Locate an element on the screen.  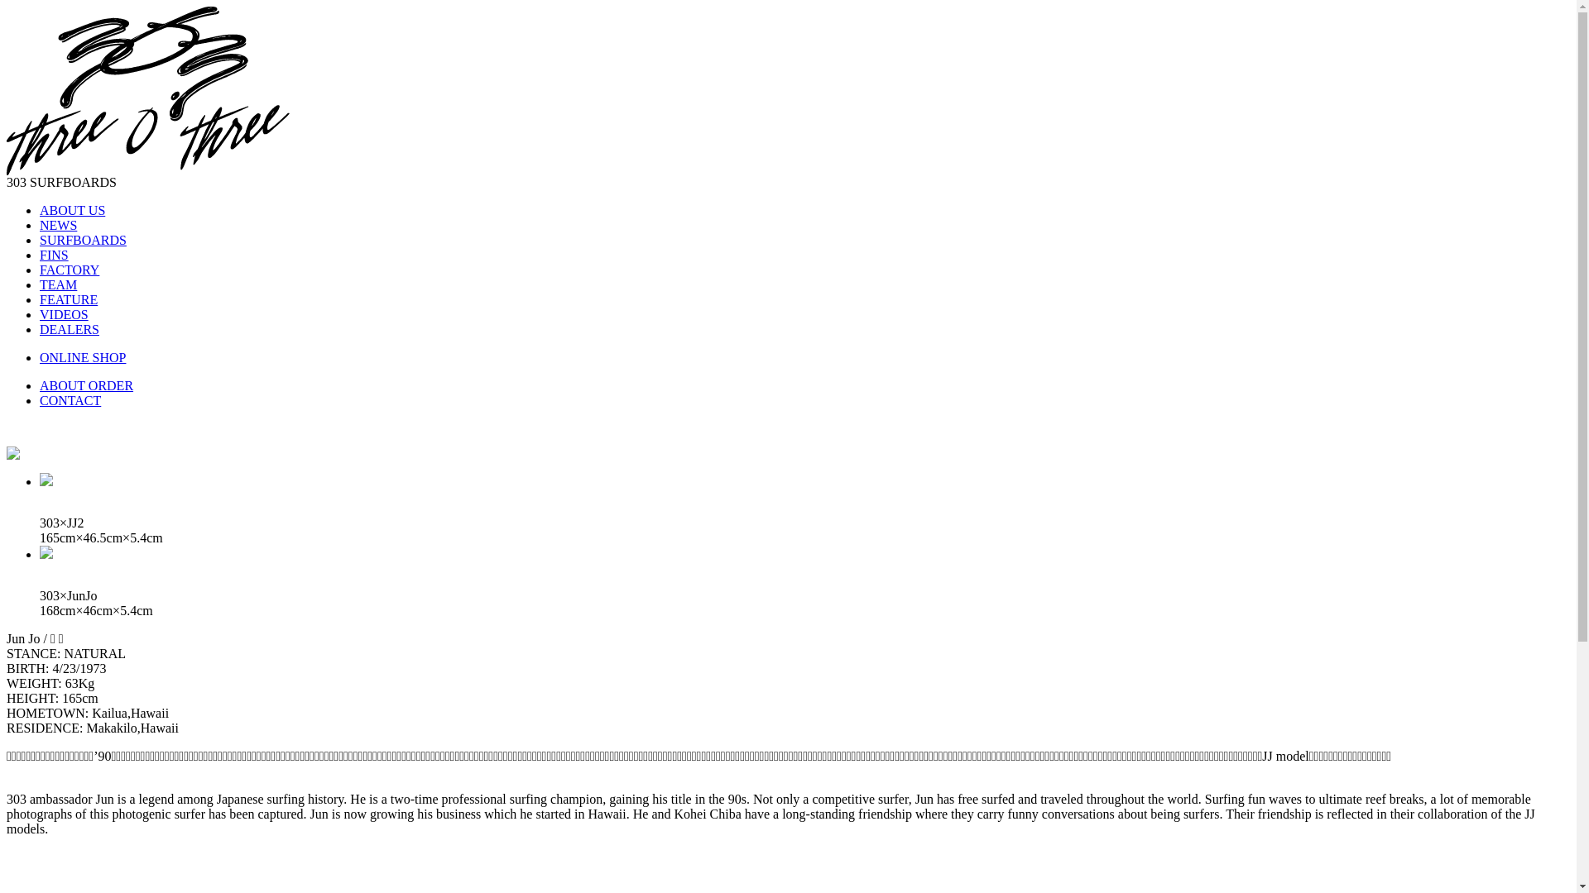
'ABOUT ORDER' is located at coordinates (40, 385).